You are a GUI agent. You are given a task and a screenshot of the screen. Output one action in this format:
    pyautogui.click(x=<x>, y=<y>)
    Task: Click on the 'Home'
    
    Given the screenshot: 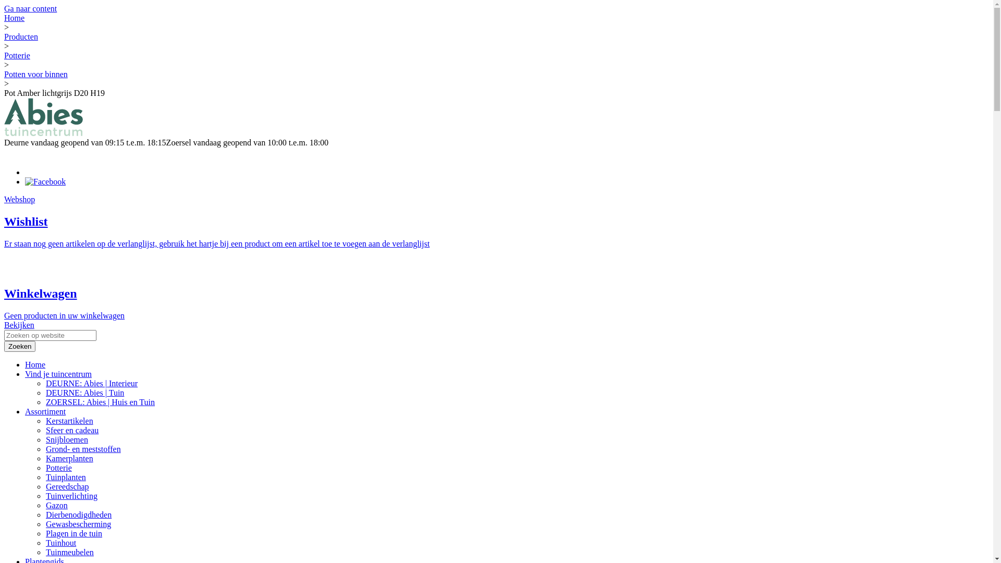 What is the action you would take?
    pyautogui.click(x=35, y=364)
    